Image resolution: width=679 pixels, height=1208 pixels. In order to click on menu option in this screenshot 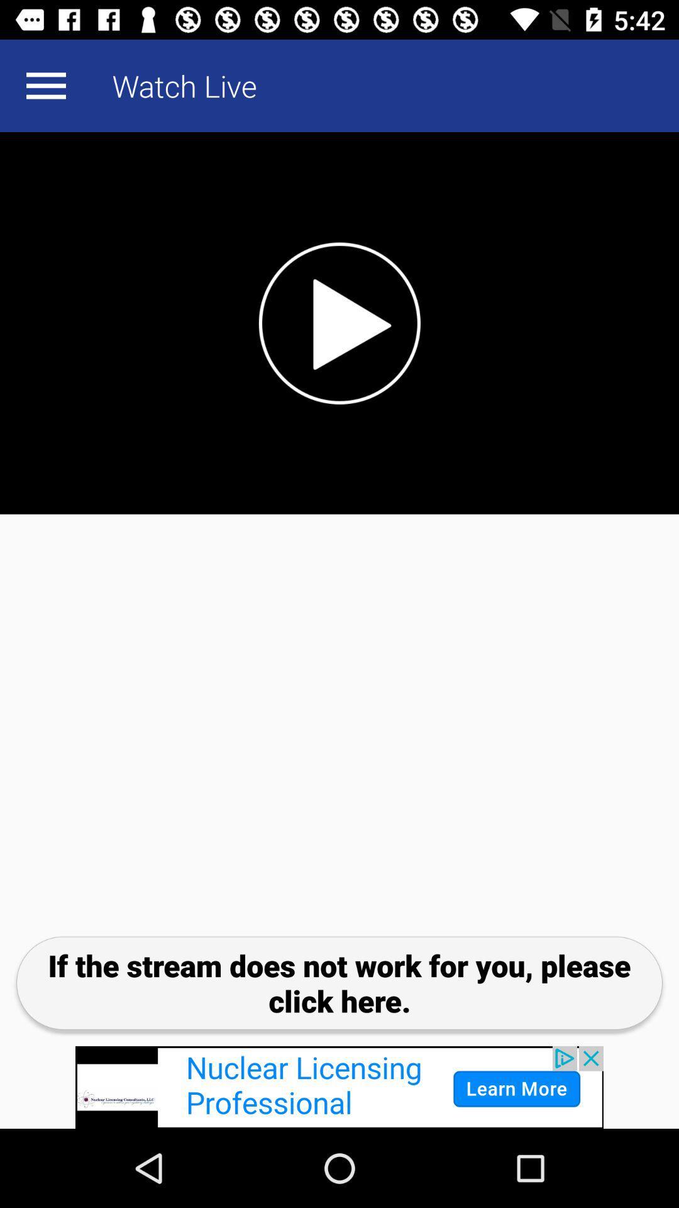, I will do `click(45, 85)`.